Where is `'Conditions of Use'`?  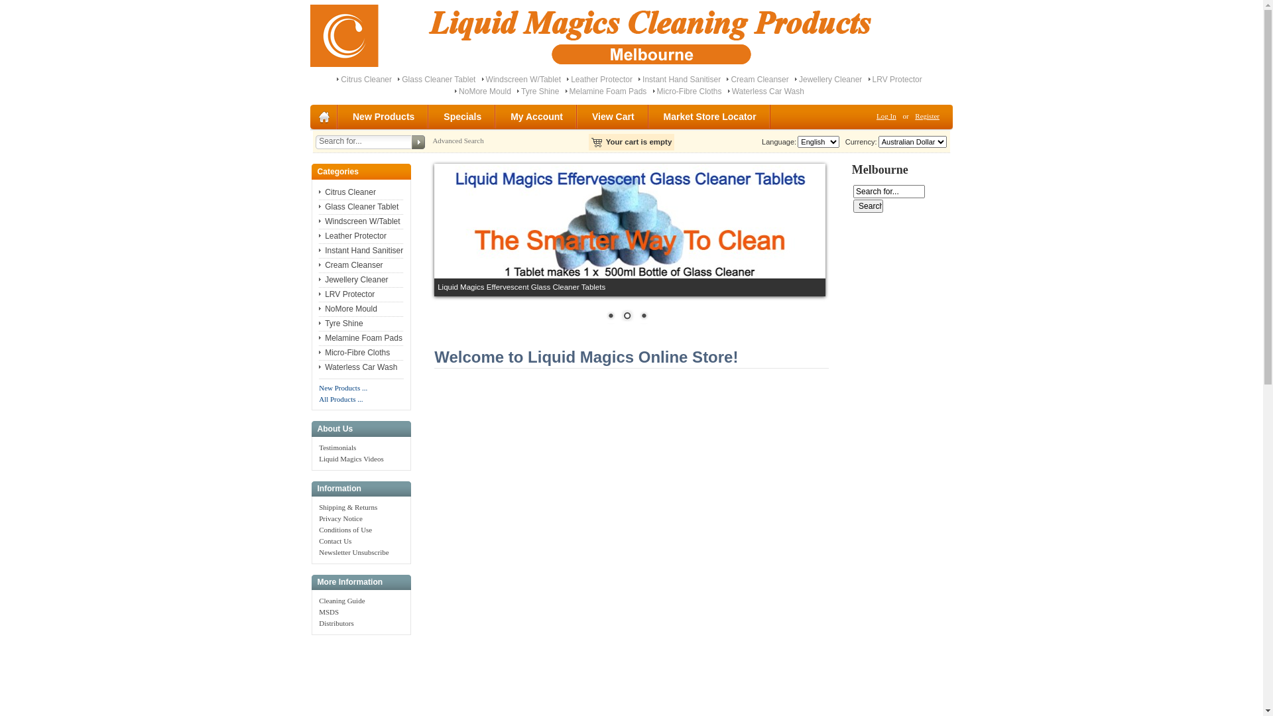 'Conditions of Use' is located at coordinates (345, 528).